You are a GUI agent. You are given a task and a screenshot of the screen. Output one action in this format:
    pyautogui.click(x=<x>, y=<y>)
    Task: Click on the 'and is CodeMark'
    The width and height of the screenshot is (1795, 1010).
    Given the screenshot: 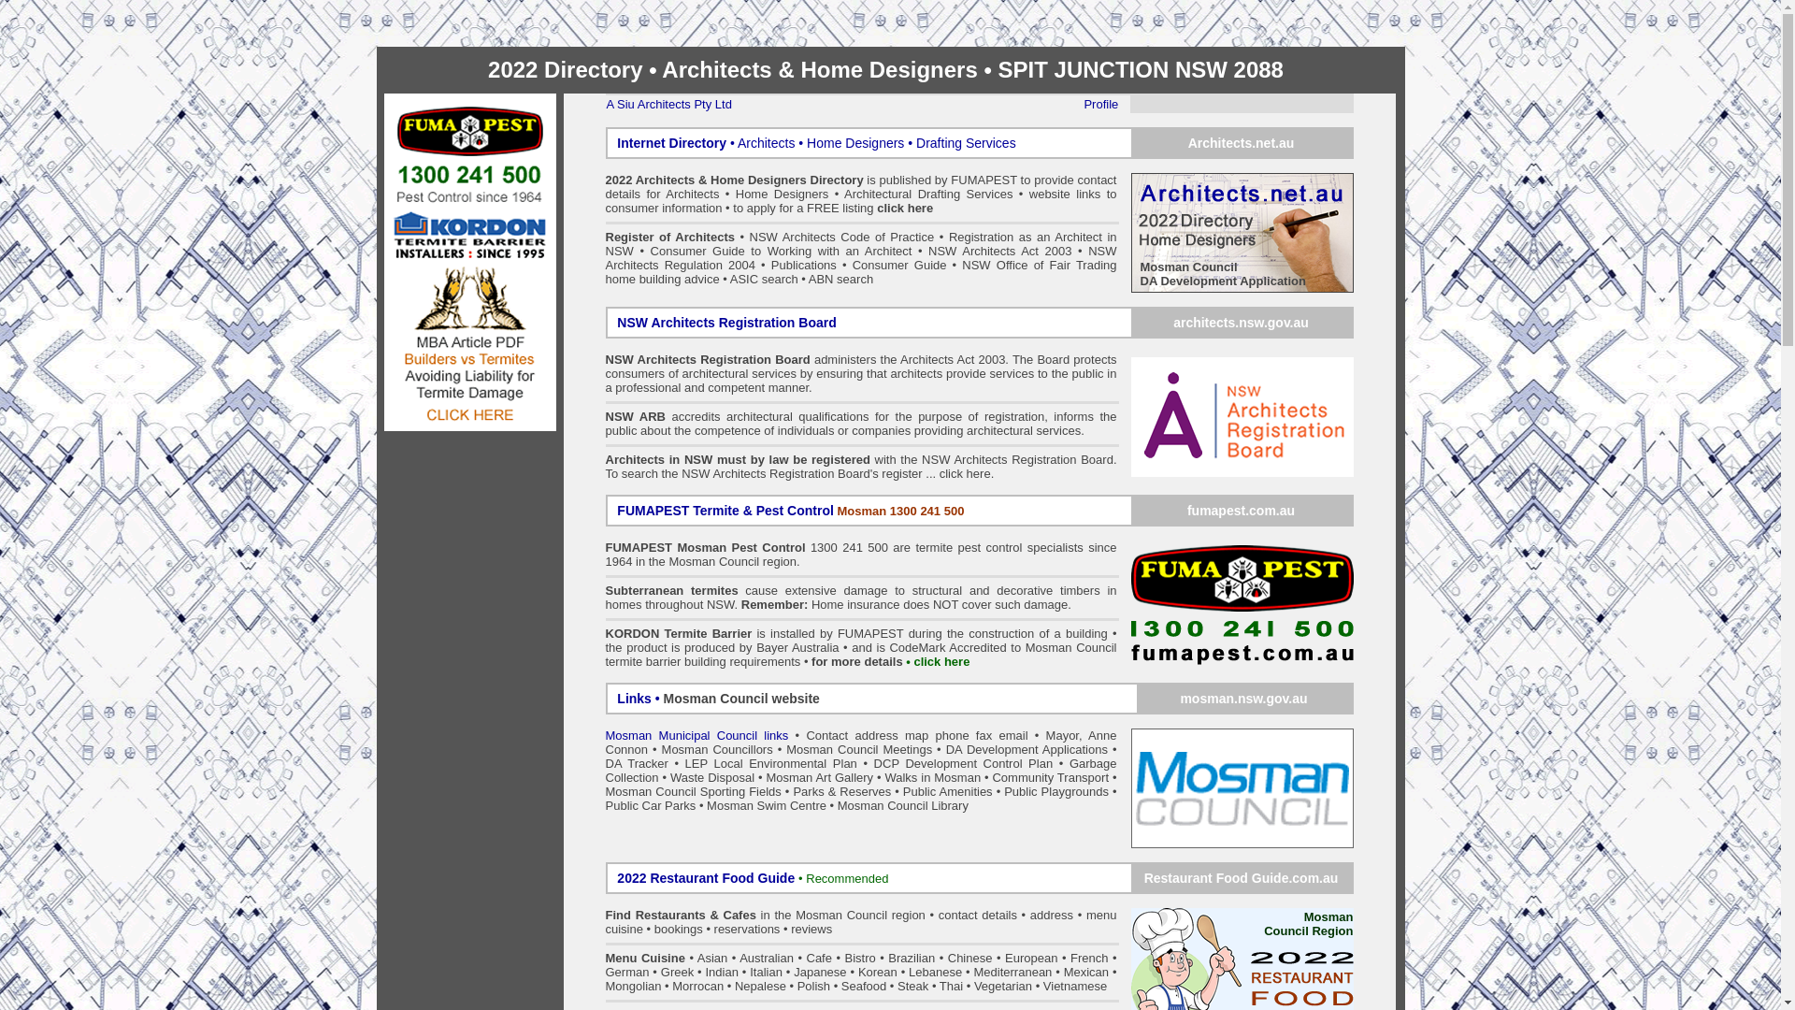 What is the action you would take?
    pyautogui.click(x=897, y=646)
    